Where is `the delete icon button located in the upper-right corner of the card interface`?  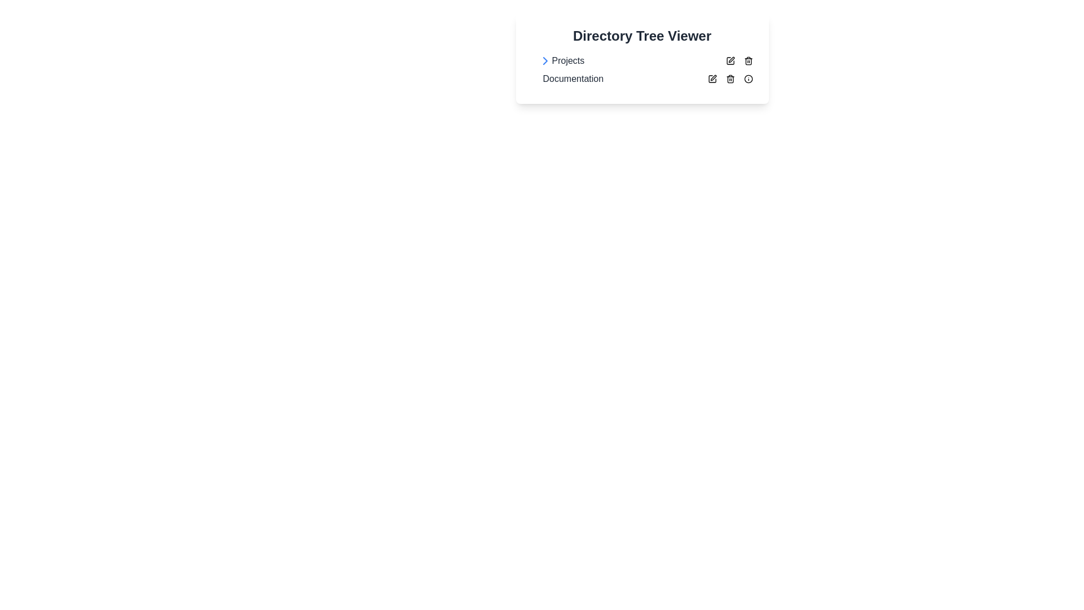
the delete icon button located in the upper-right corner of the card interface is located at coordinates (748, 61).